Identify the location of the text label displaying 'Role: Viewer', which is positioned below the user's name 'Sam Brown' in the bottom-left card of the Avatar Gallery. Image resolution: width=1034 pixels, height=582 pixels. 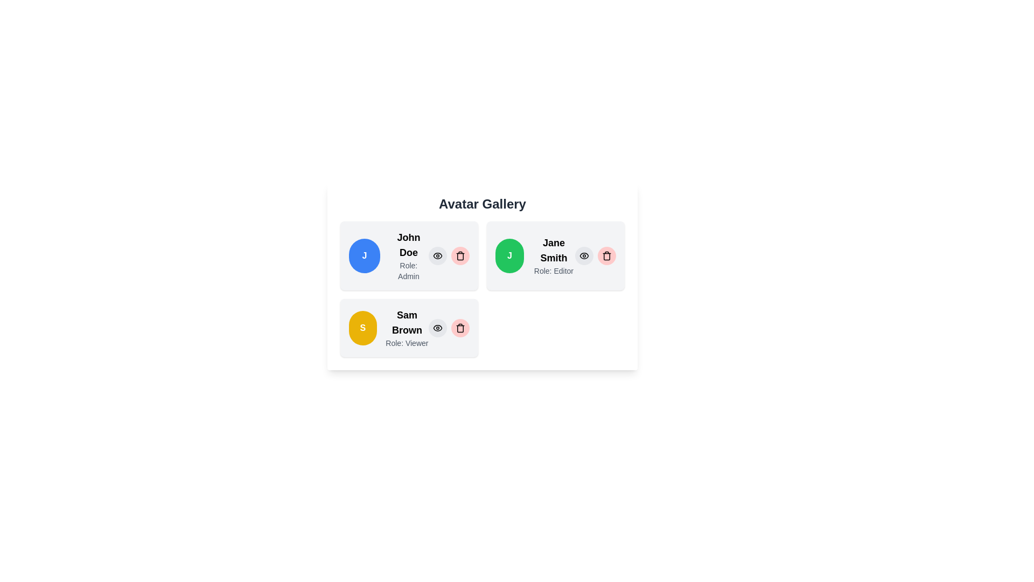
(406, 343).